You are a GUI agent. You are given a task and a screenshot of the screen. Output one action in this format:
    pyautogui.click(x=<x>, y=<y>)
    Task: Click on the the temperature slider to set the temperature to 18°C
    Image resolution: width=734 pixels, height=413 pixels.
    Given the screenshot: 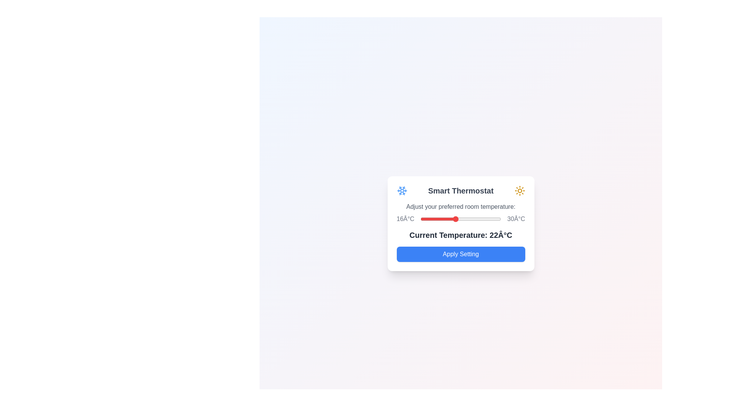 What is the action you would take?
    pyautogui.click(x=432, y=219)
    